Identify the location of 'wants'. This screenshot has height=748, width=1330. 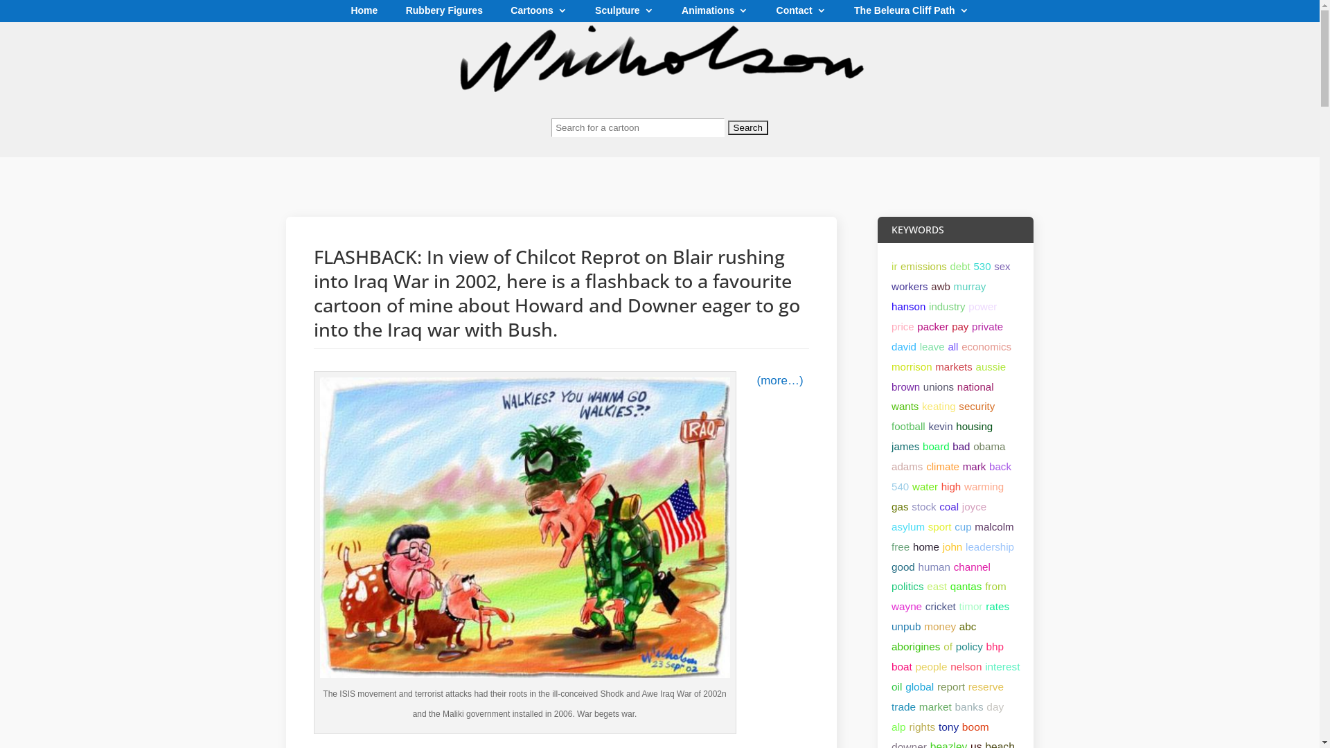
(891, 405).